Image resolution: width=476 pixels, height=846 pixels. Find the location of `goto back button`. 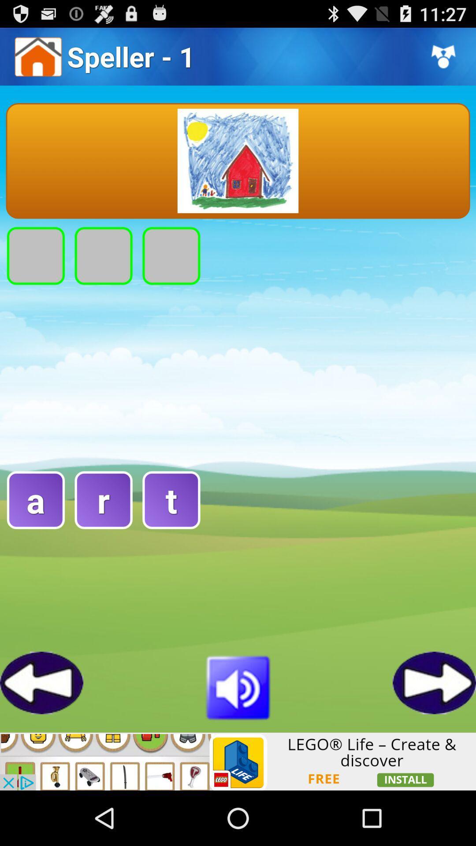

goto back button is located at coordinates (41, 682).